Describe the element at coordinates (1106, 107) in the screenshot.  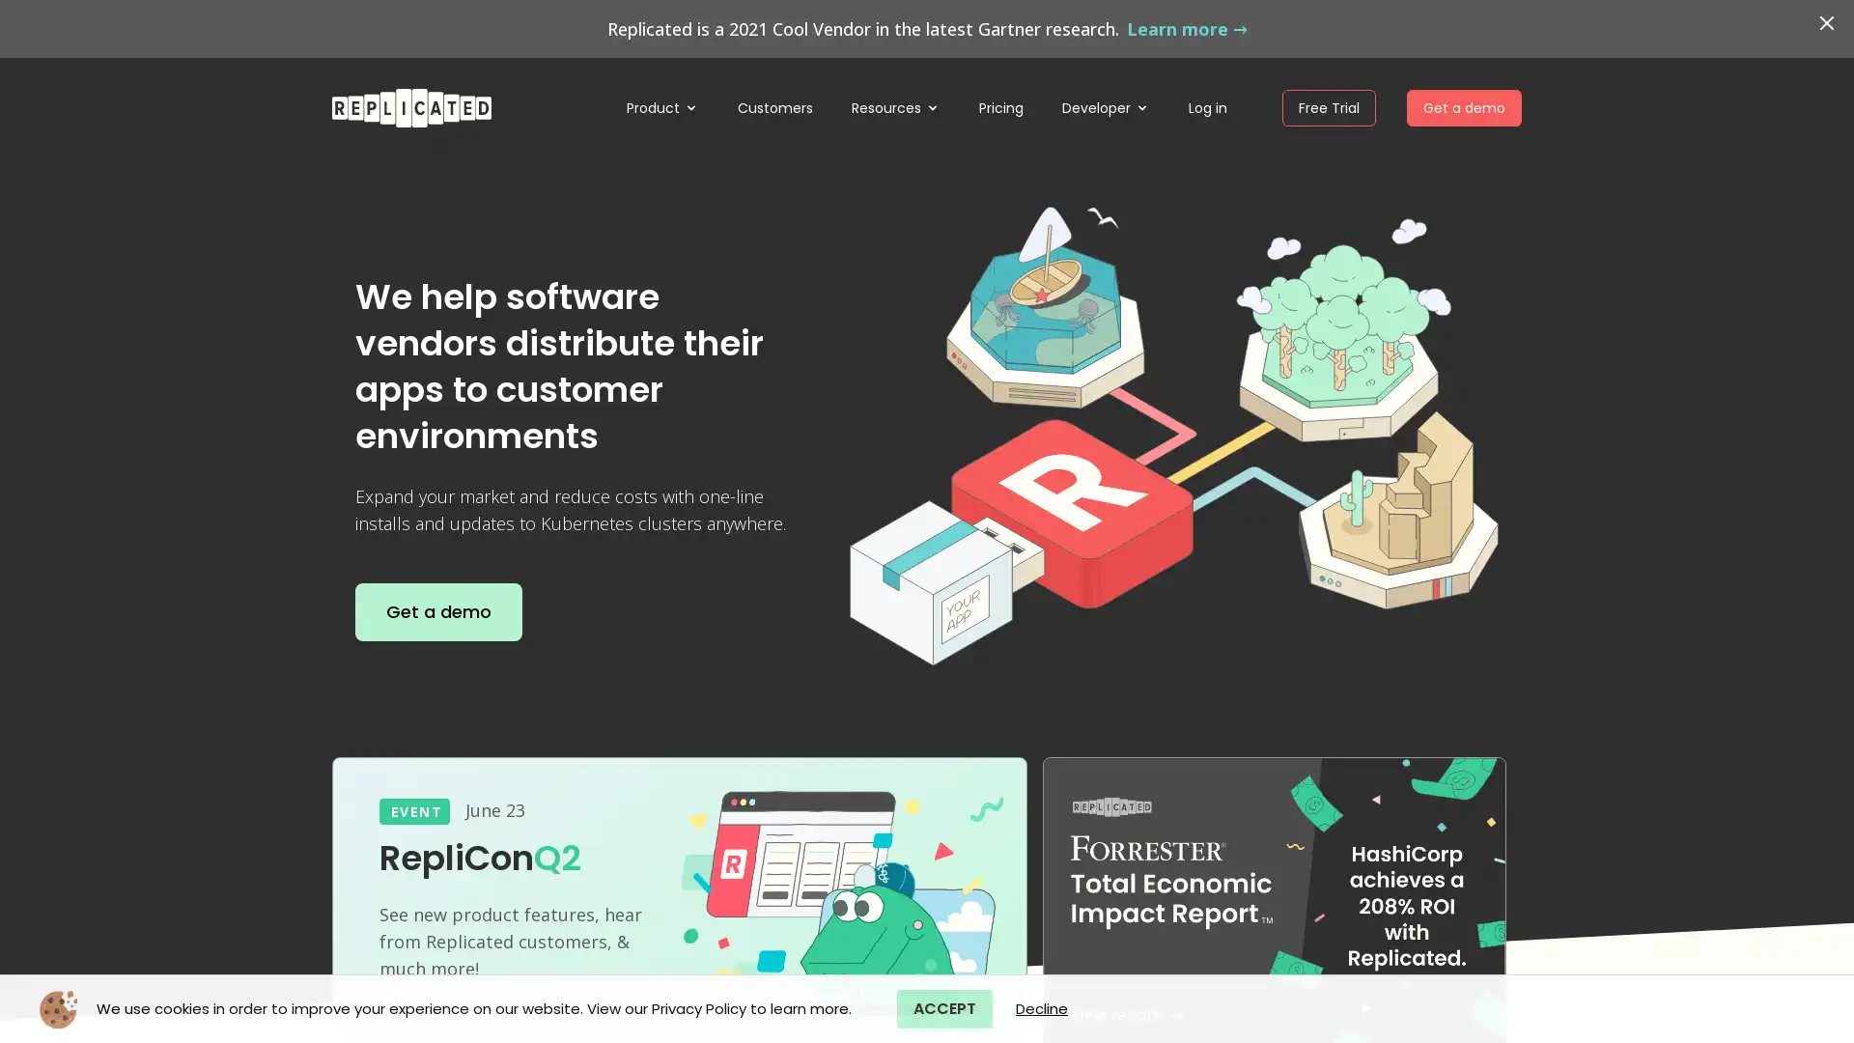
I see `Developer` at that location.